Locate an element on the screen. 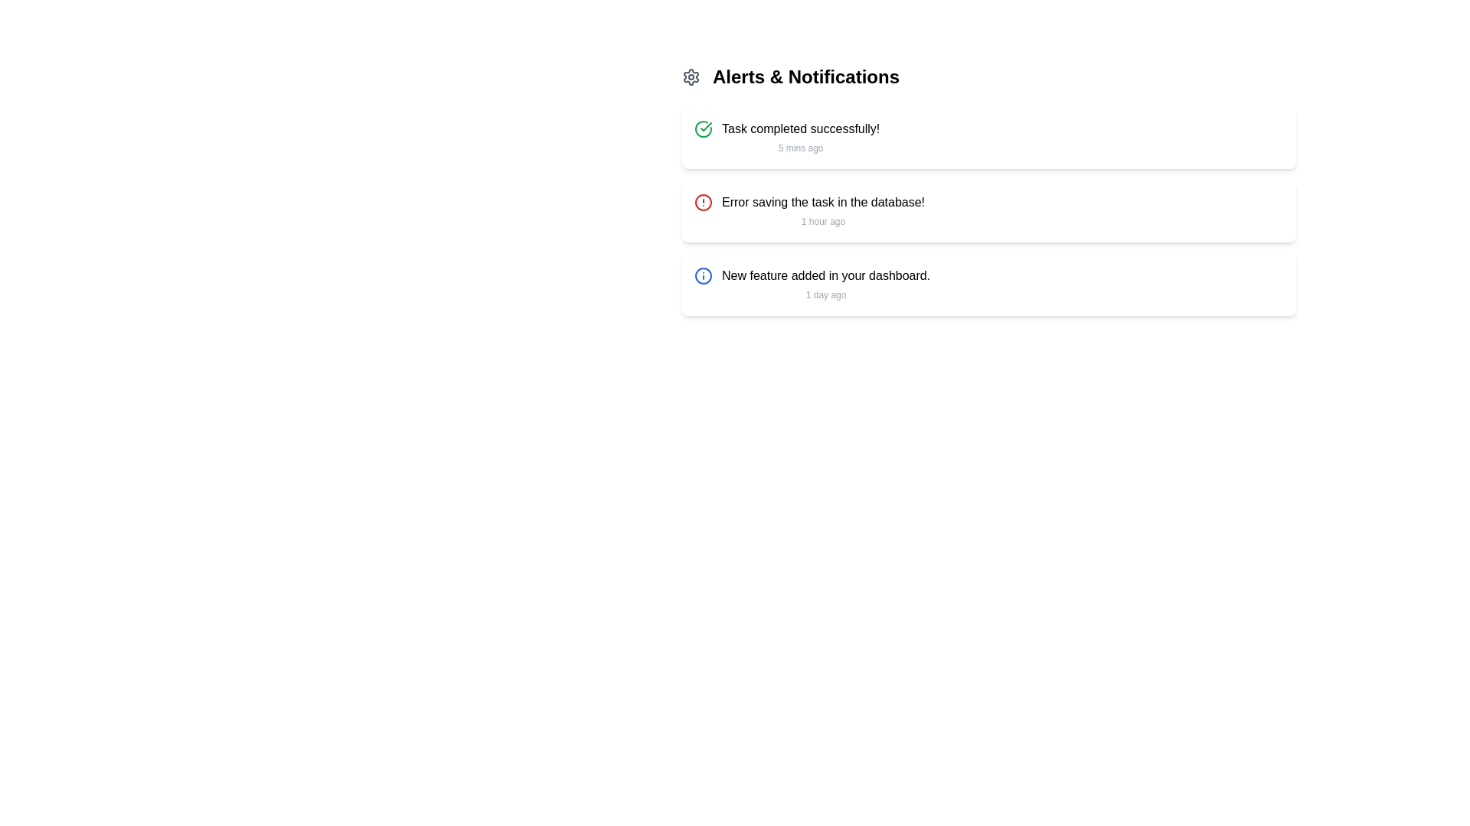 The width and height of the screenshot is (1470, 826). the static text label that displays the error message 'Error saving the task in the database!' located in the second notification card, adjacent to the time indicator '1 hour ago' is located at coordinates (822, 202).